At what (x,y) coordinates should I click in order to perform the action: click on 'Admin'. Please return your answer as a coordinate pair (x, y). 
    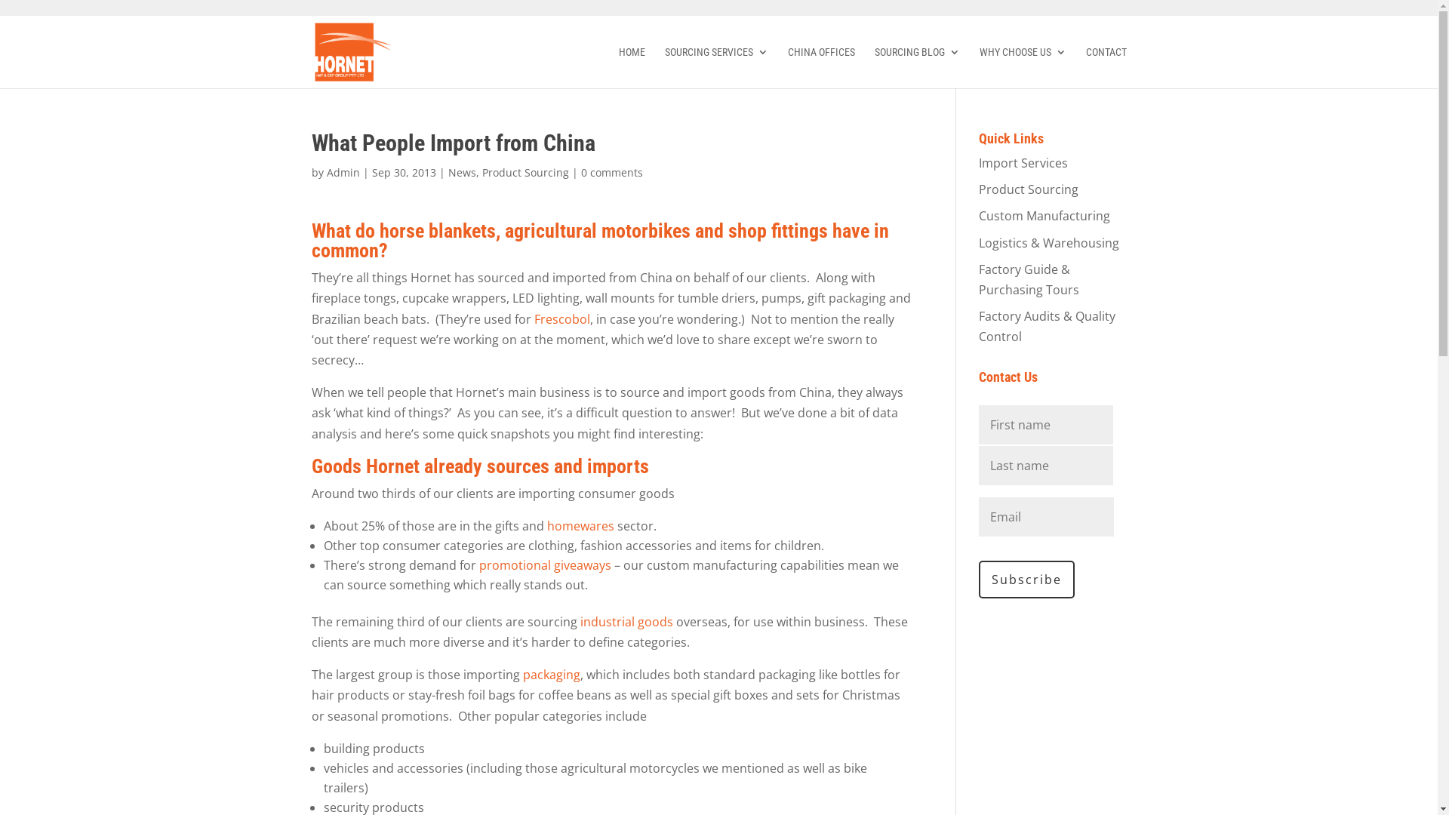
    Looking at the image, I should click on (342, 171).